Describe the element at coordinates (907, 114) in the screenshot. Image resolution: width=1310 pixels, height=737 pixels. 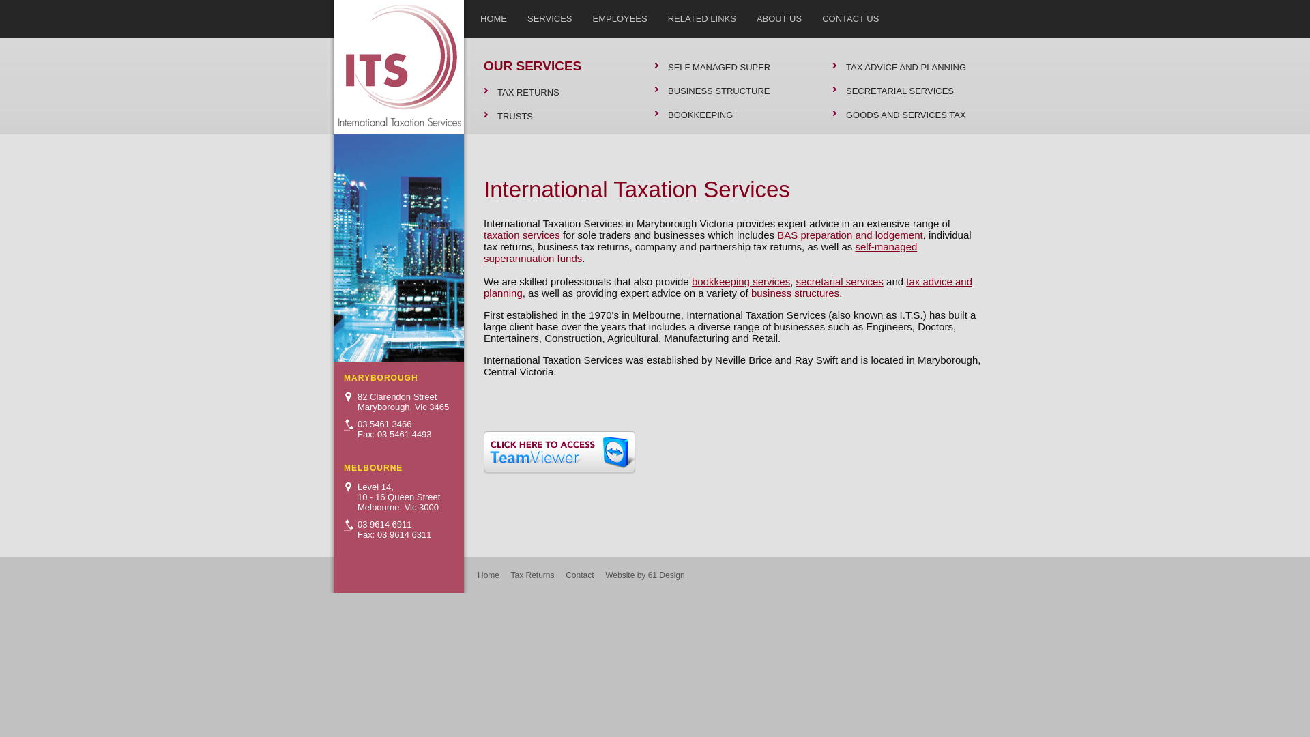
I see `'GOODS AND SERVICES TAX'` at that location.